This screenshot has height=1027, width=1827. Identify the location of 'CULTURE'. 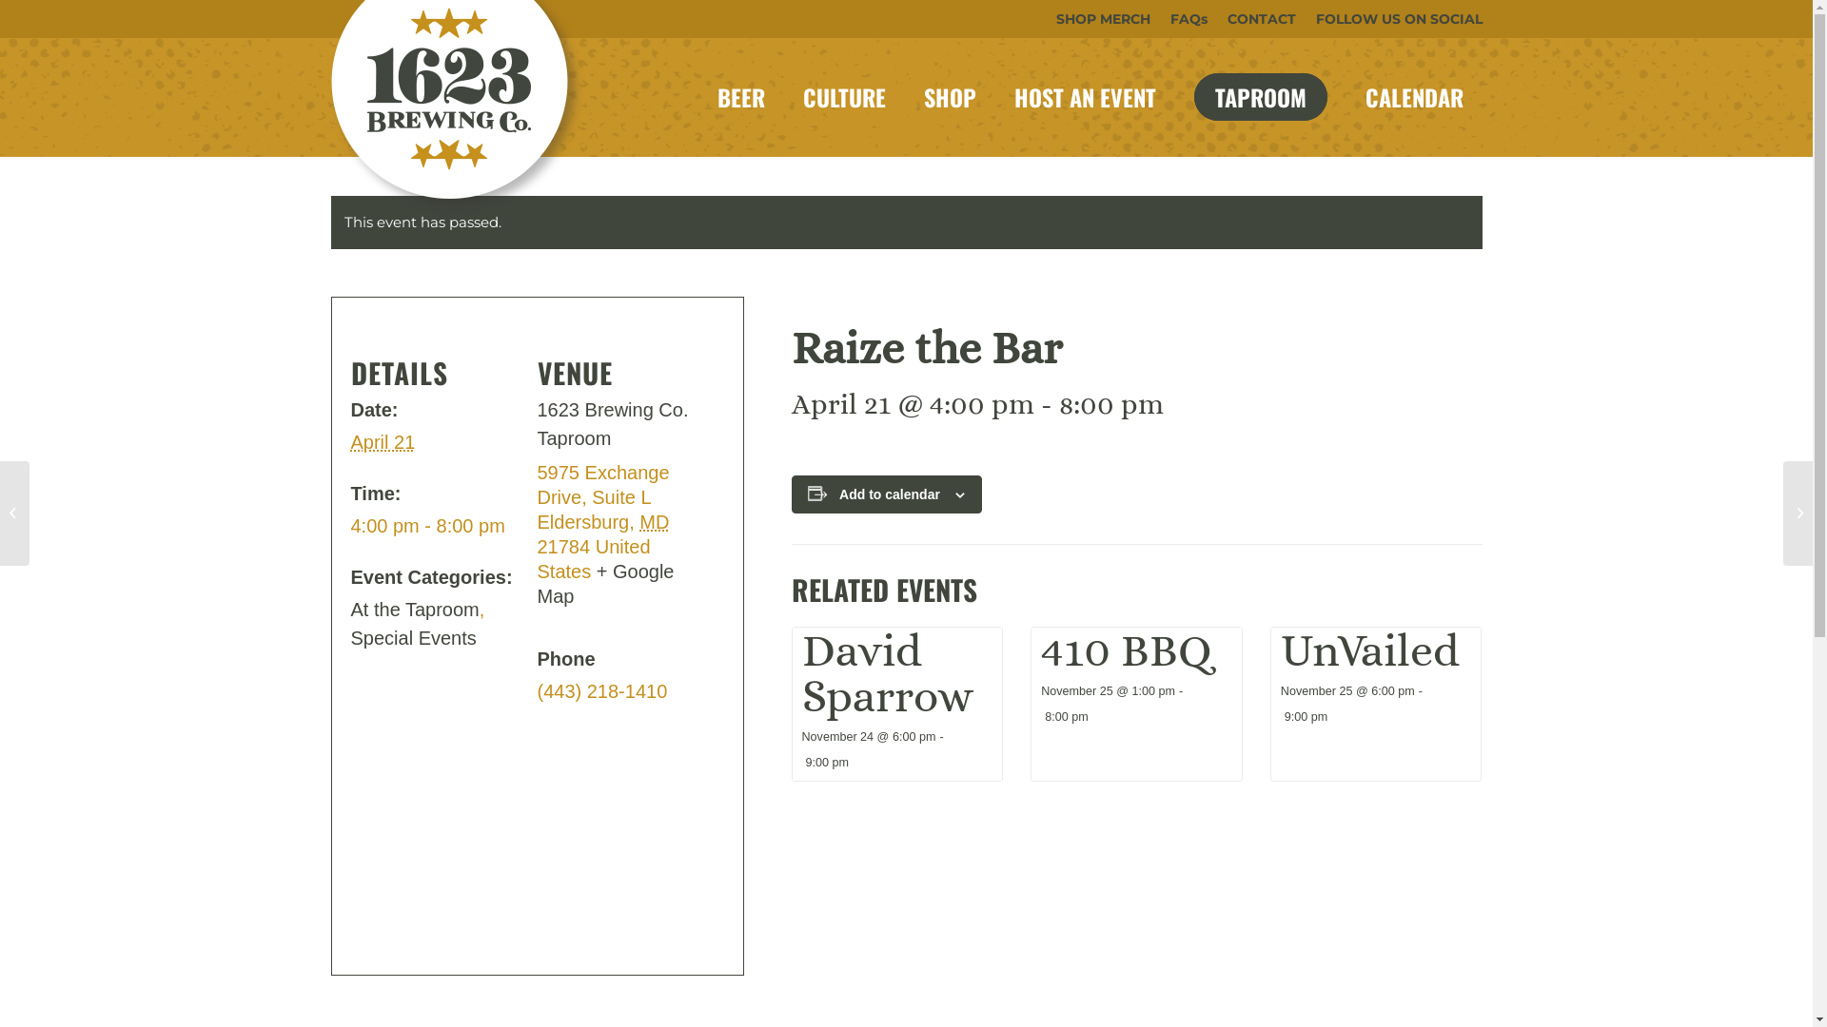
(843, 96).